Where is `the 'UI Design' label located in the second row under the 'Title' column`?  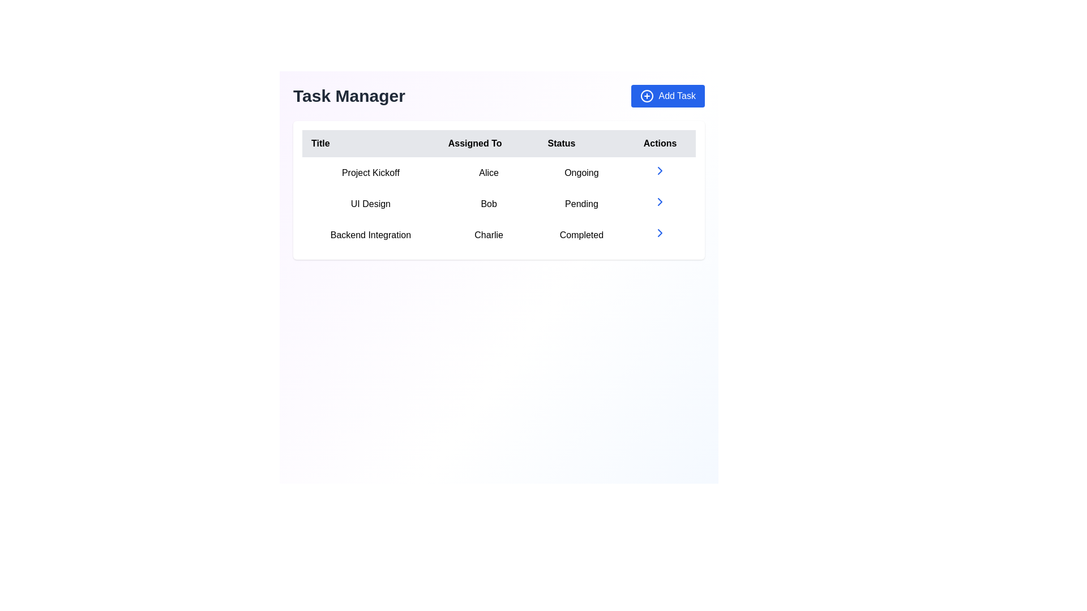
the 'UI Design' label located in the second row under the 'Title' column is located at coordinates (370, 204).